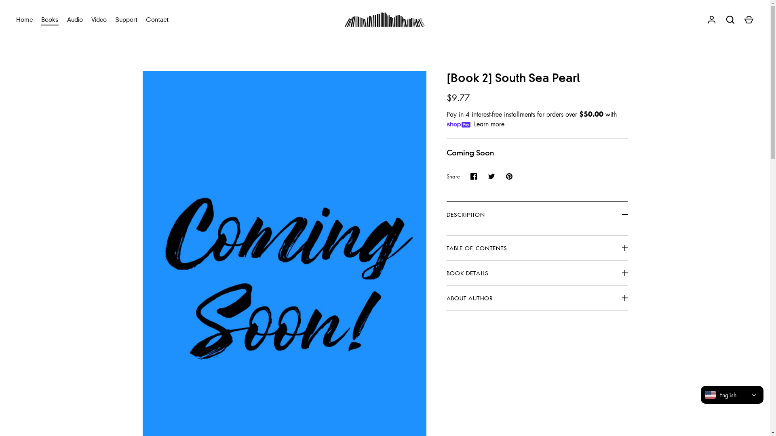 The image size is (776, 436). What do you see at coordinates (491, 176) in the screenshot?
I see `'Share on Twitter'` at bounding box center [491, 176].